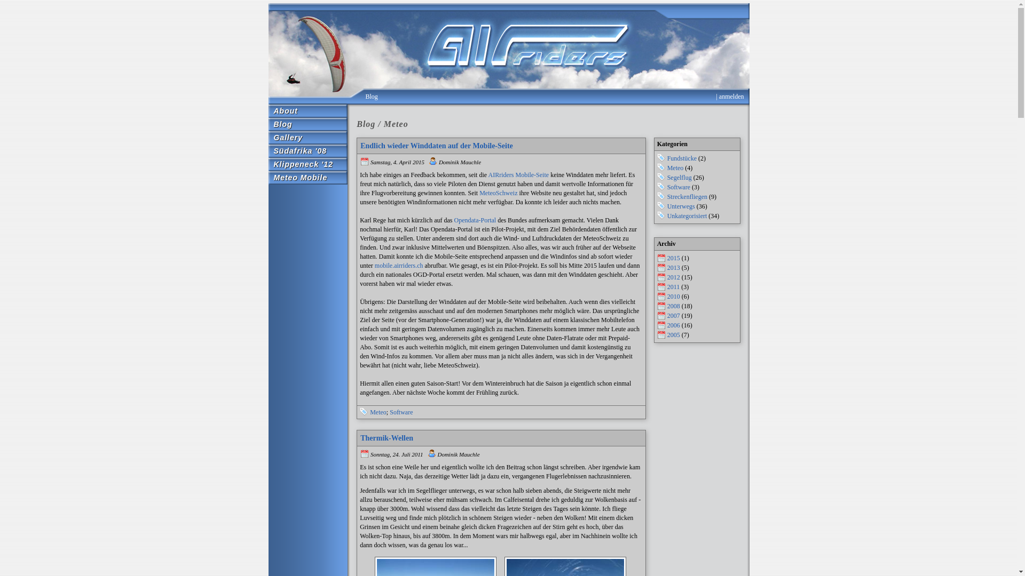 This screenshot has width=1025, height=576. What do you see at coordinates (307, 110) in the screenshot?
I see `'About'` at bounding box center [307, 110].